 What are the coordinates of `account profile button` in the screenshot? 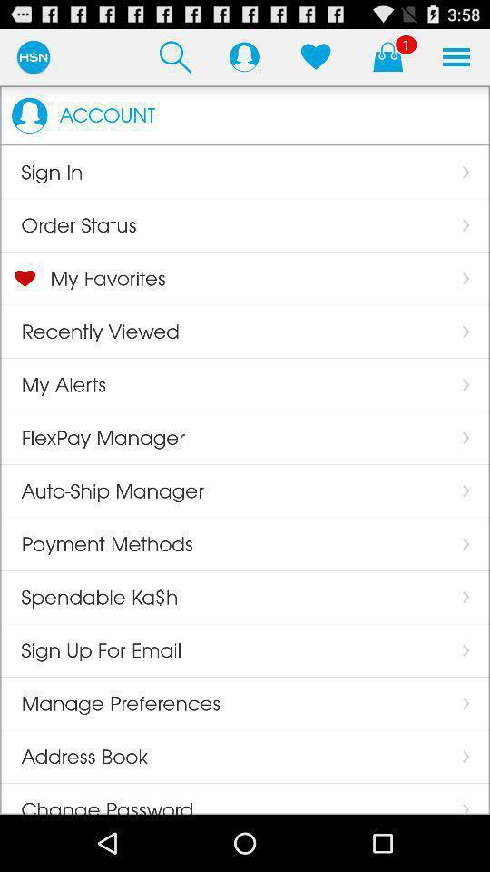 It's located at (244, 56).